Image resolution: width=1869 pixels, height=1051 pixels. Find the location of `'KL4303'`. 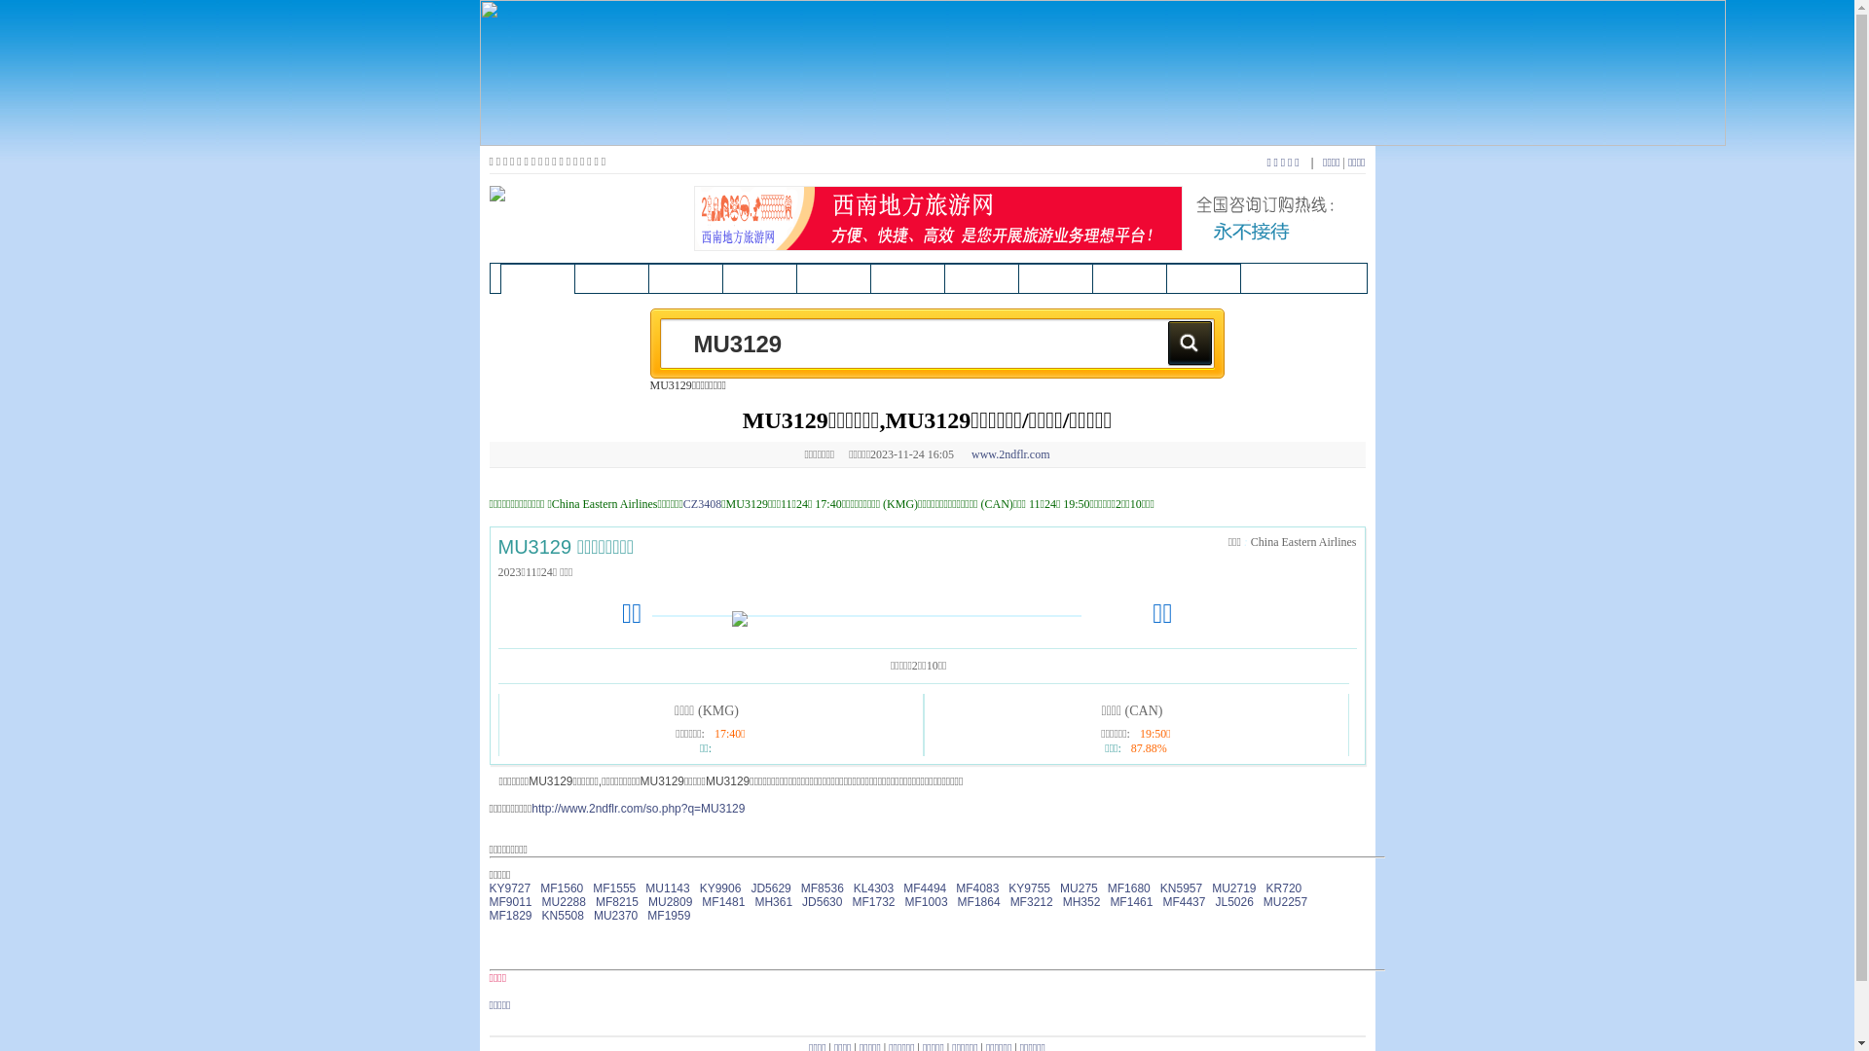

'KL4303' is located at coordinates (854, 888).